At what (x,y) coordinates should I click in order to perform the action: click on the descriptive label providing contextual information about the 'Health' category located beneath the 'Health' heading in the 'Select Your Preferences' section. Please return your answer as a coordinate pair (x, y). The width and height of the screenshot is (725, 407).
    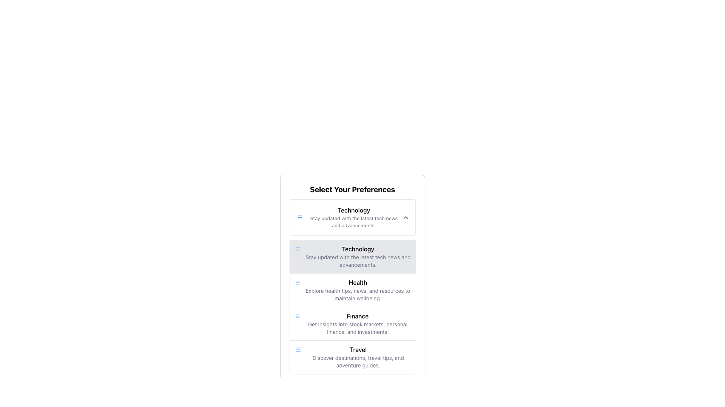
    Looking at the image, I should click on (357, 294).